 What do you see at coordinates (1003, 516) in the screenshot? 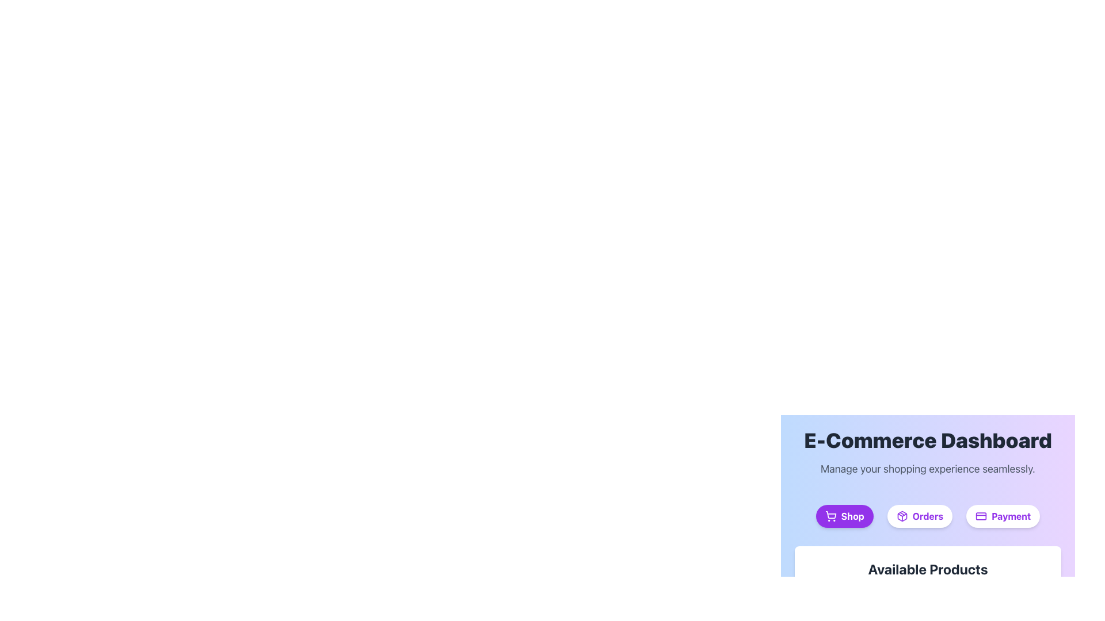
I see `the third button in the horizontal row located below the 'E-Commerce Dashboard' heading` at bounding box center [1003, 516].